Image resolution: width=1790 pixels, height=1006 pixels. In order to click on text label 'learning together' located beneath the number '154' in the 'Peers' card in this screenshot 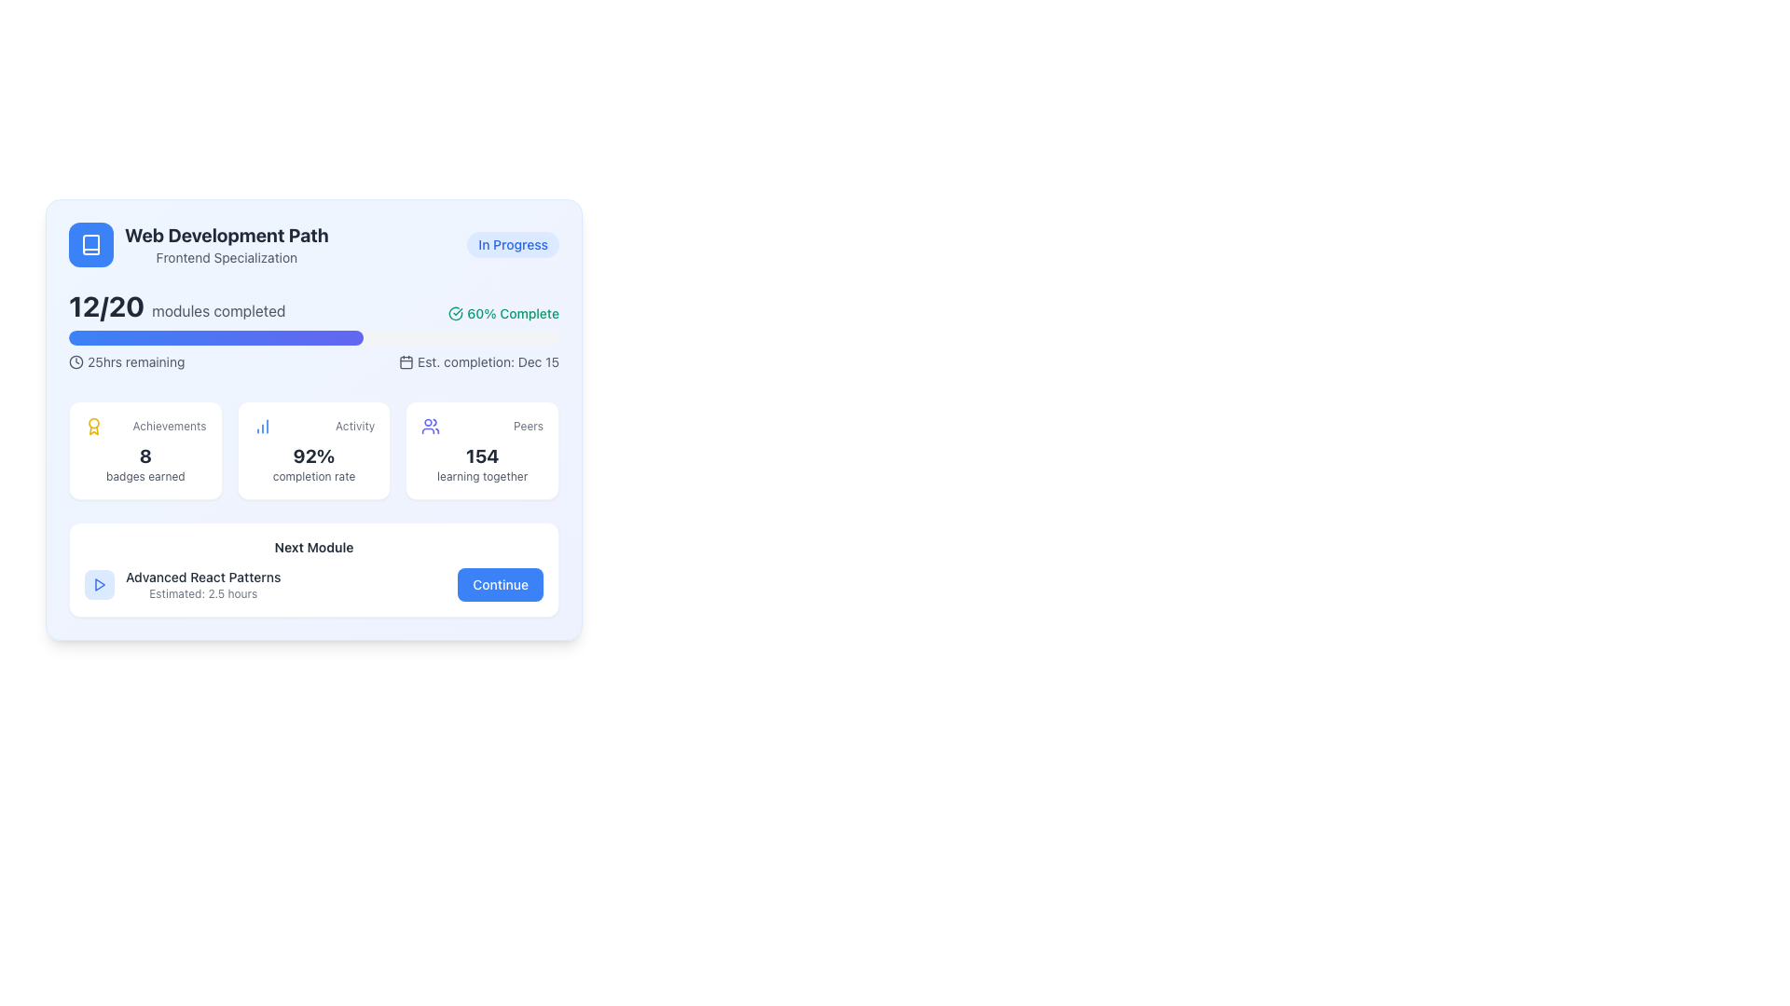, I will do `click(482, 476)`.